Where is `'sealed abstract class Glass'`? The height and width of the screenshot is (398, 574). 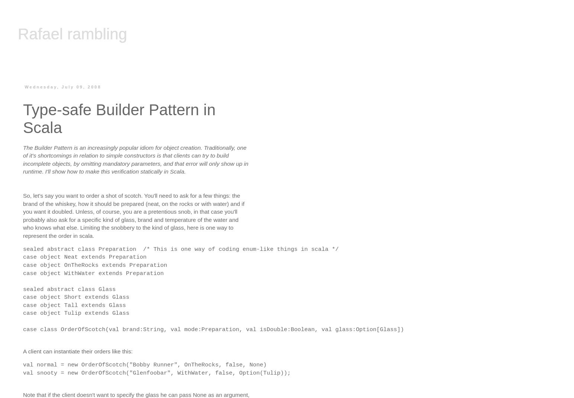
'sealed abstract class Glass' is located at coordinates (69, 288).